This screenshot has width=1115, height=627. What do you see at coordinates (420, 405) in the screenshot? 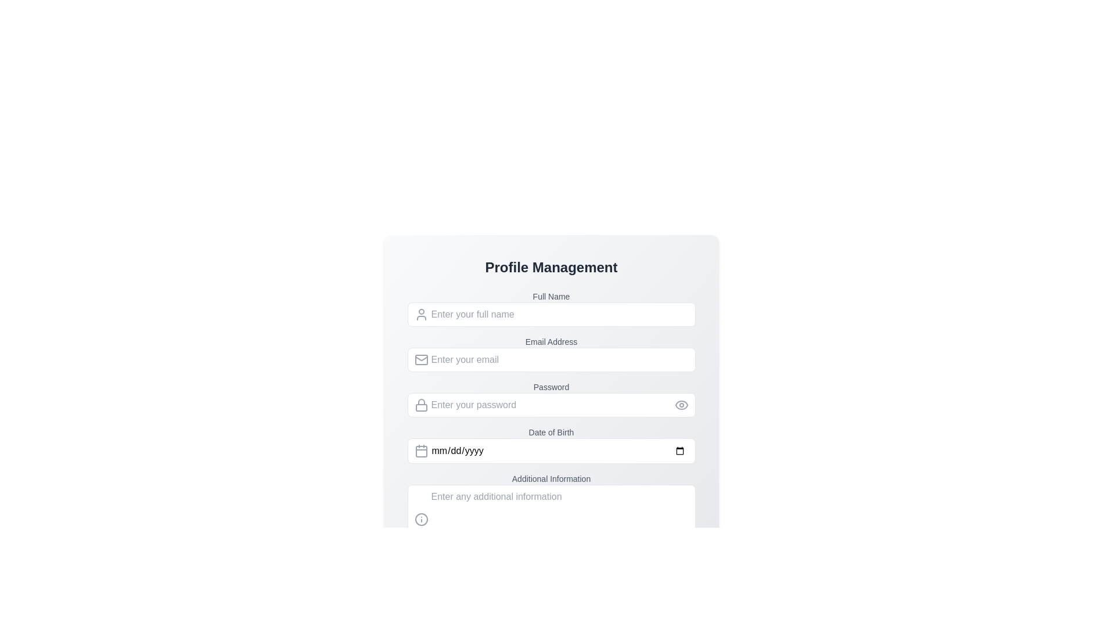
I see `the minimalist gray lock icon located to the far left side of the password input field, aligned vertically with the center of the input field` at bounding box center [420, 405].